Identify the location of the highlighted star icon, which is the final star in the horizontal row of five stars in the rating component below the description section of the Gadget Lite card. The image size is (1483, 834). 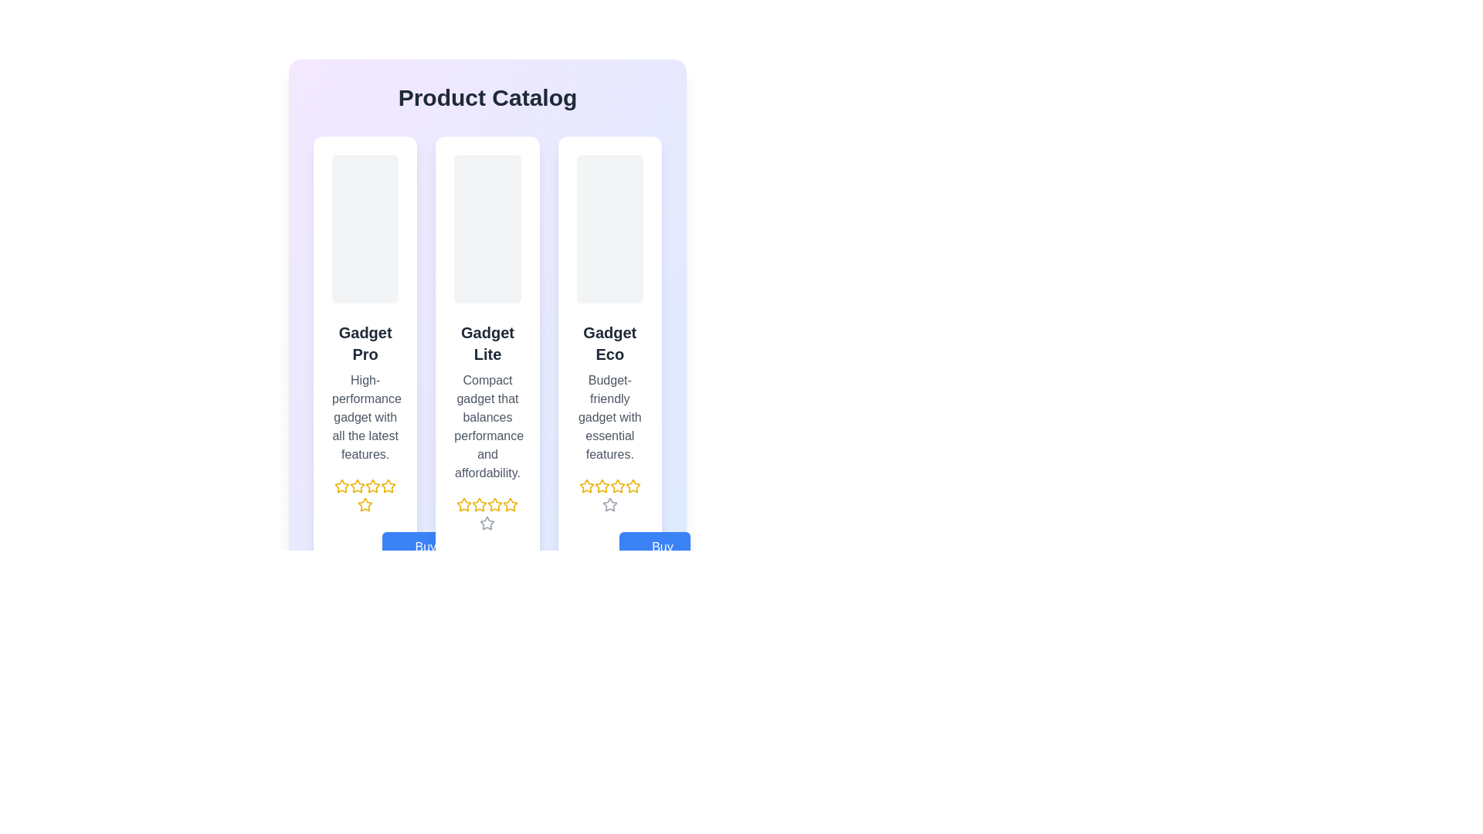
(487, 522).